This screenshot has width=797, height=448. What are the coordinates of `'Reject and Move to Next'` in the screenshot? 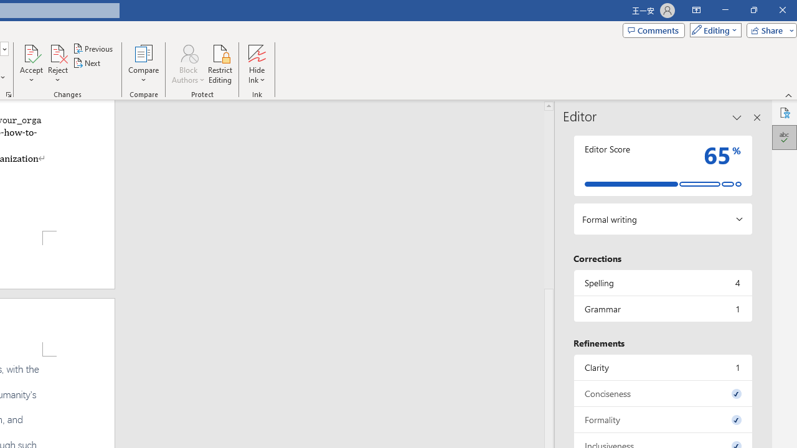 It's located at (57, 52).